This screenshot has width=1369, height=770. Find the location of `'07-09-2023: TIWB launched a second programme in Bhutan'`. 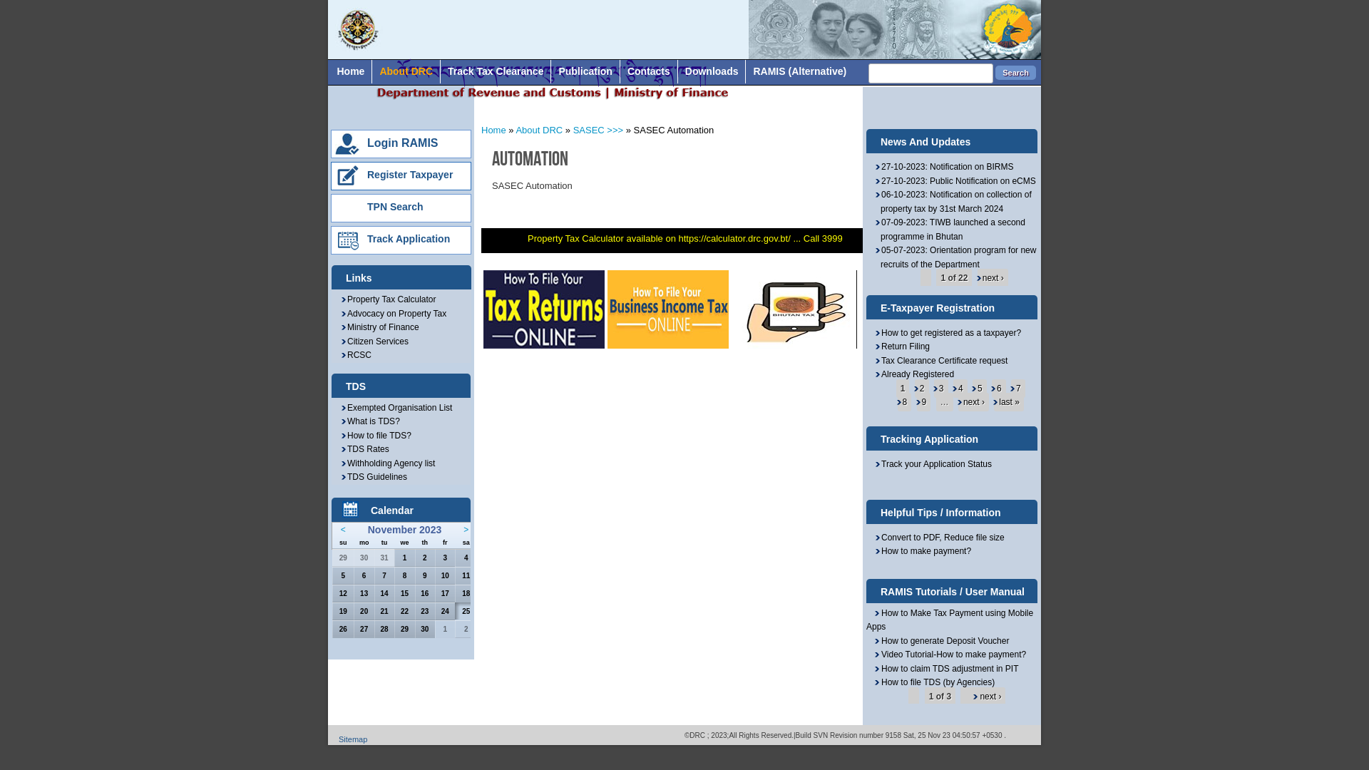

'07-09-2023: TIWB launched a second programme in Bhutan' is located at coordinates (949, 228).